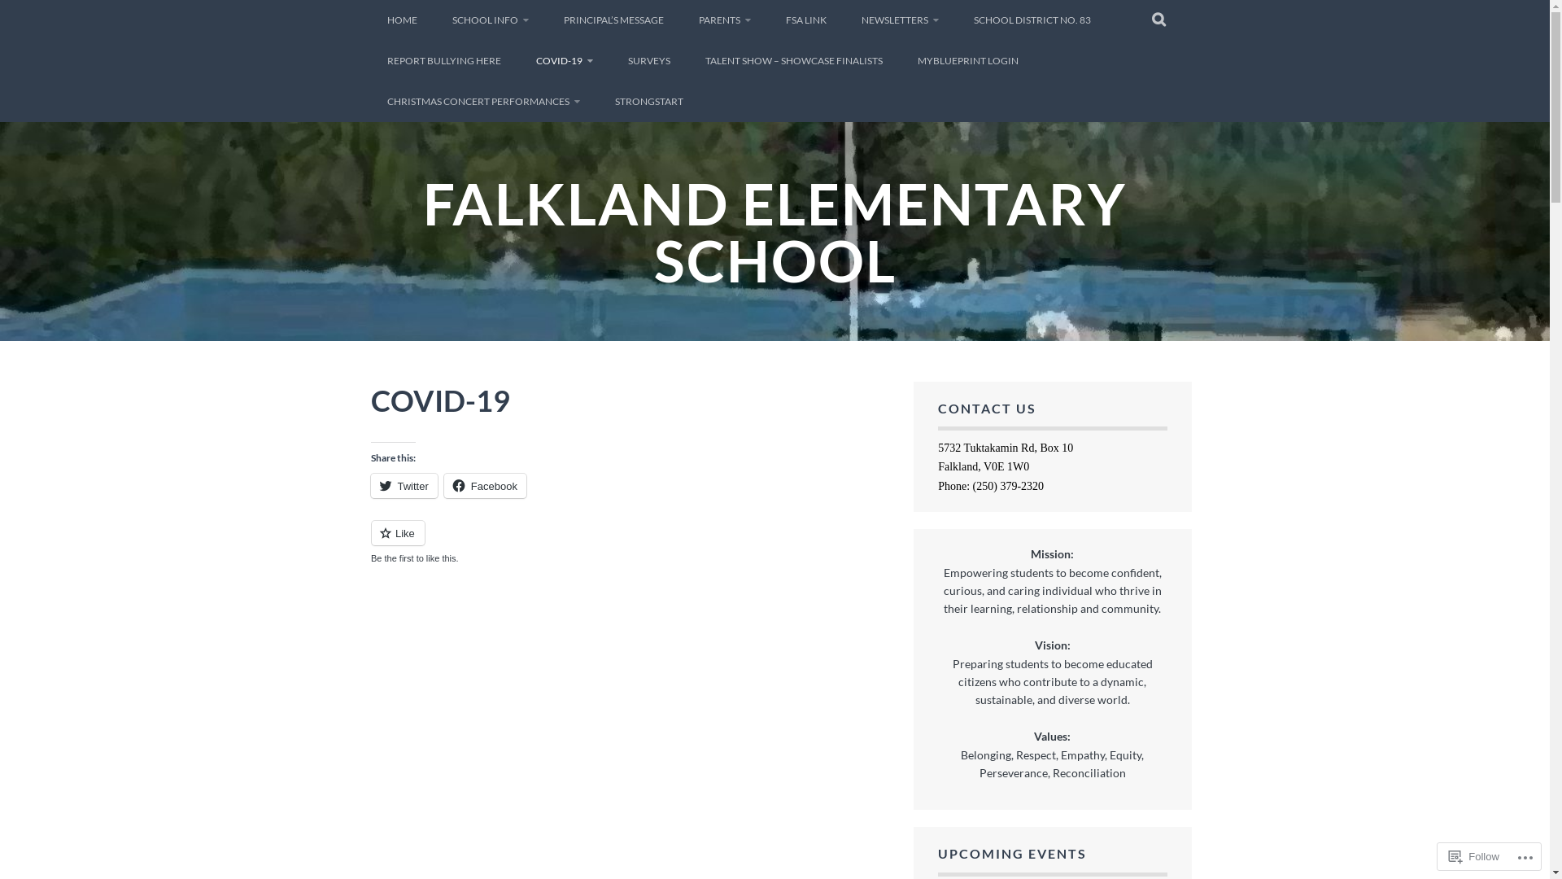 Image resolution: width=1562 pixels, height=879 pixels. Describe the element at coordinates (563, 59) in the screenshot. I see `'COVID-19'` at that location.